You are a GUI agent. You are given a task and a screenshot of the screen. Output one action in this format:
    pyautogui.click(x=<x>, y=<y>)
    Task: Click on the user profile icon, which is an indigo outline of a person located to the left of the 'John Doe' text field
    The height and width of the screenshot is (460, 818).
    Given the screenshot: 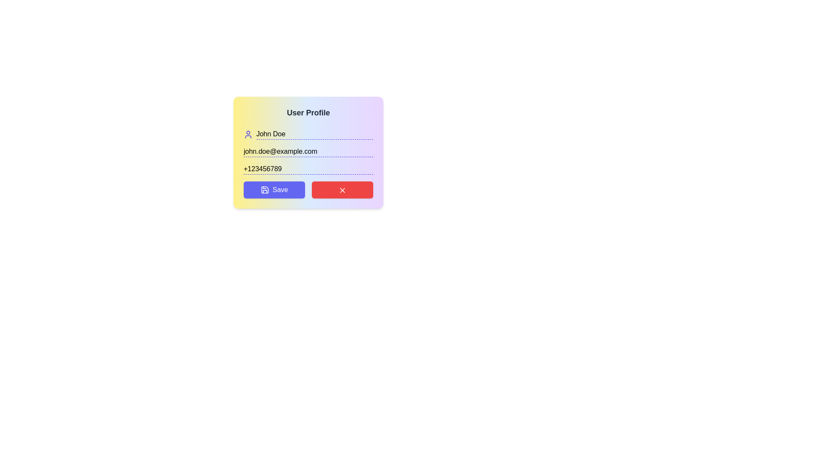 What is the action you would take?
    pyautogui.click(x=248, y=134)
    